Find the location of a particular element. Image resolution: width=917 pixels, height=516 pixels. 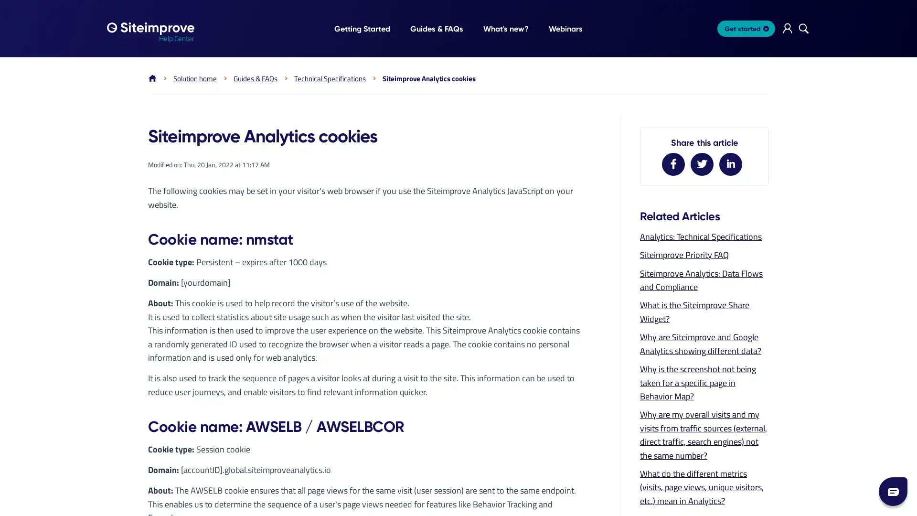

Open search is located at coordinates (803, 28).